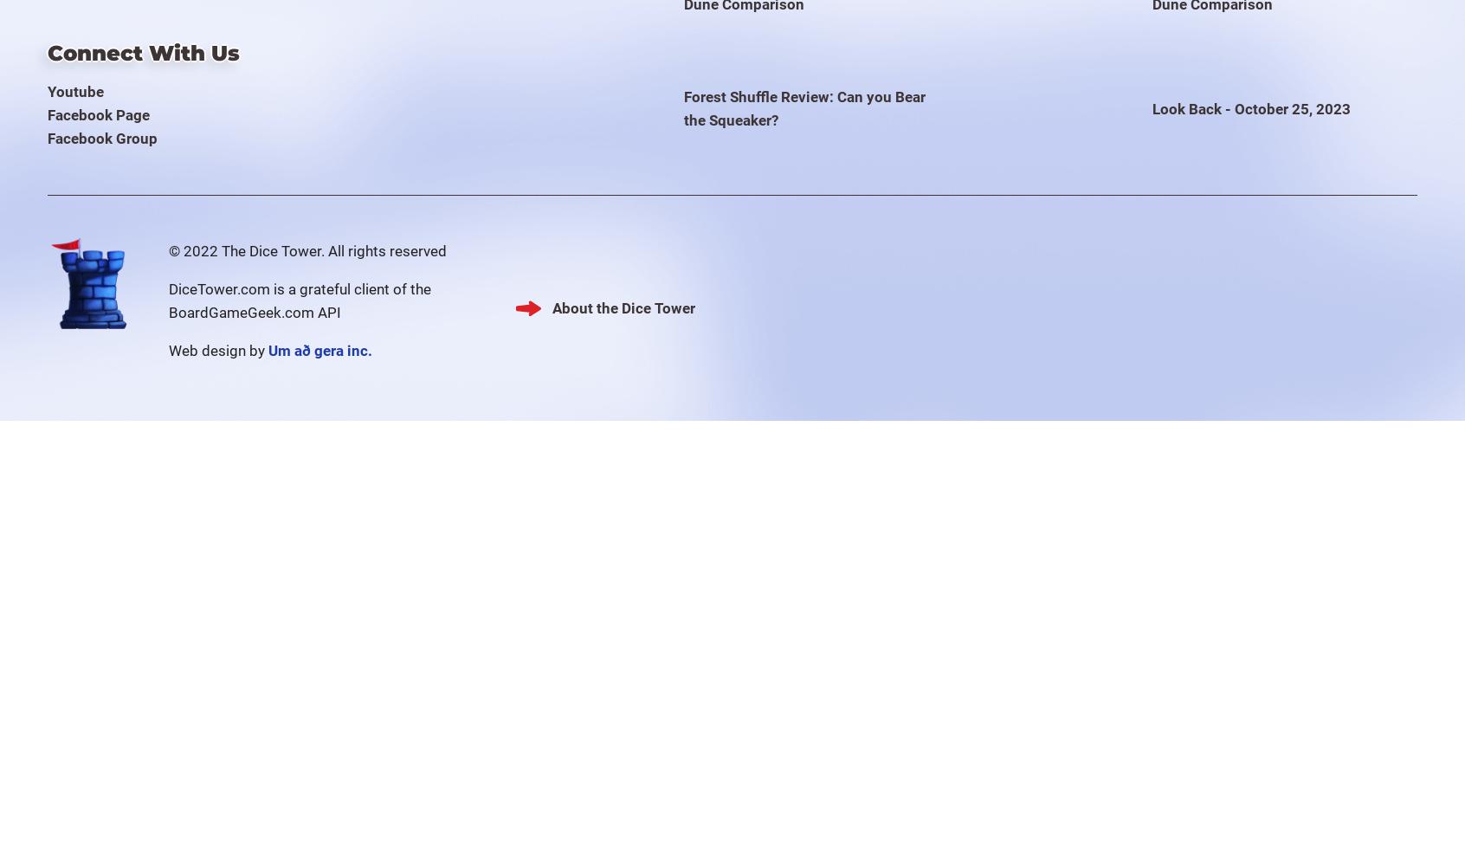 The image size is (1465, 866). What do you see at coordinates (101, 139) in the screenshot?
I see `'Facebook Group'` at bounding box center [101, 139].